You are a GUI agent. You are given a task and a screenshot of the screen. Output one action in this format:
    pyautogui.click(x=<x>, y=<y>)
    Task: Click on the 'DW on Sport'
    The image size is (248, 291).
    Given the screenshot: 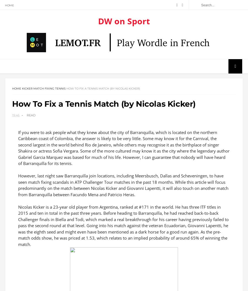 What is the action you would take?
    pyautogui.click(x=124, y=21)
    